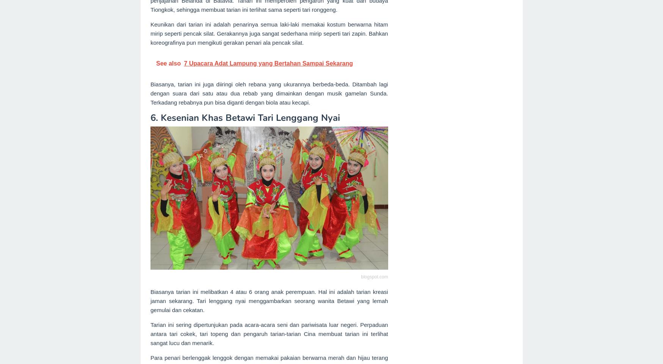  Describe the element at coordinates (268, 63) in the screenshot. I see `'7 Upacara Adat Lampung yang Bertahan Sampai Sekarang'` at that location.